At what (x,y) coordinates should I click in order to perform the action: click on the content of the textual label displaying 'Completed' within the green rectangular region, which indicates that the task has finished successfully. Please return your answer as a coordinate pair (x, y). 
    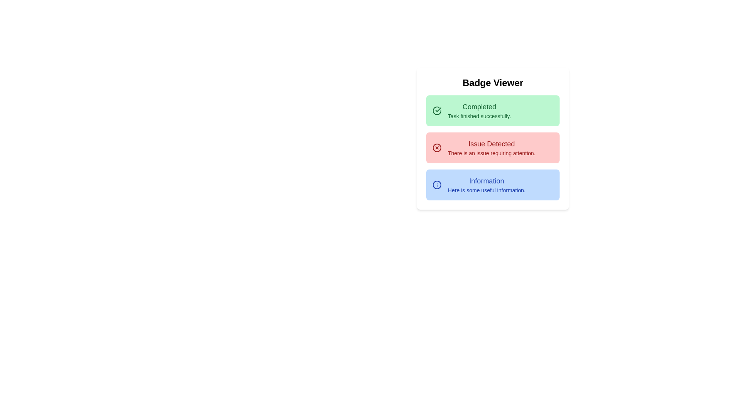
    Looking at the image, I should click on (479, 107).